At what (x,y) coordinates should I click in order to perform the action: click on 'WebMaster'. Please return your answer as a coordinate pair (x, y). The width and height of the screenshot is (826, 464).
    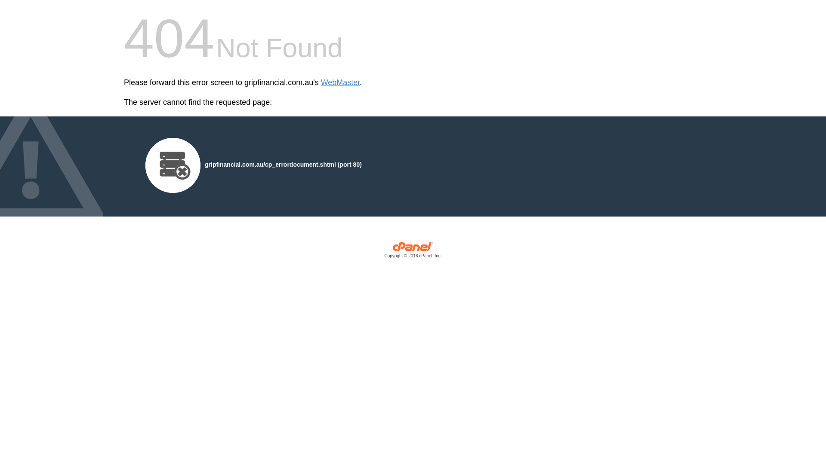
    Looking at the image, I should click on (340, 82).